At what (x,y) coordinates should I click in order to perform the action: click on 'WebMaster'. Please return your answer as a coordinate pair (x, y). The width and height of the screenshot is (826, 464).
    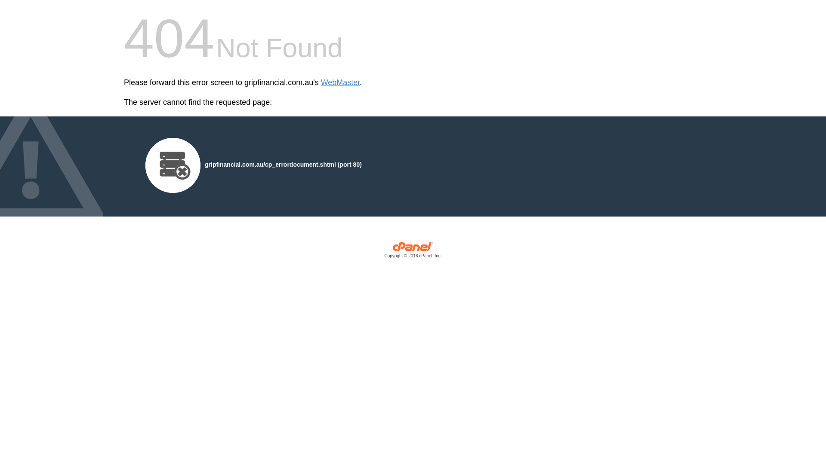
    Looking at the image, I should click on (340, 82).